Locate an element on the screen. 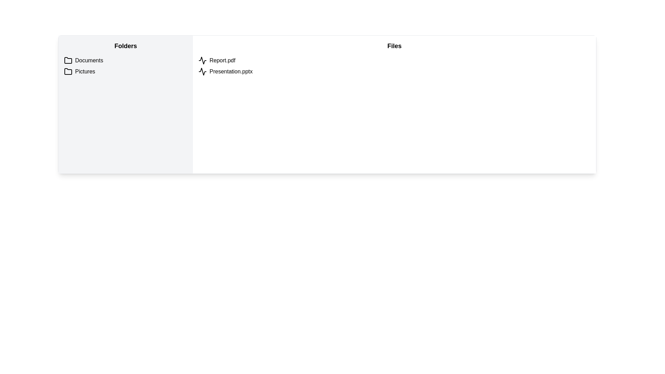 This screenshot has height=374, width=665. the 'Documents' folder list item, which is the first item in the vertical list within the 'Folders' section is located at coordinates (126, 60).